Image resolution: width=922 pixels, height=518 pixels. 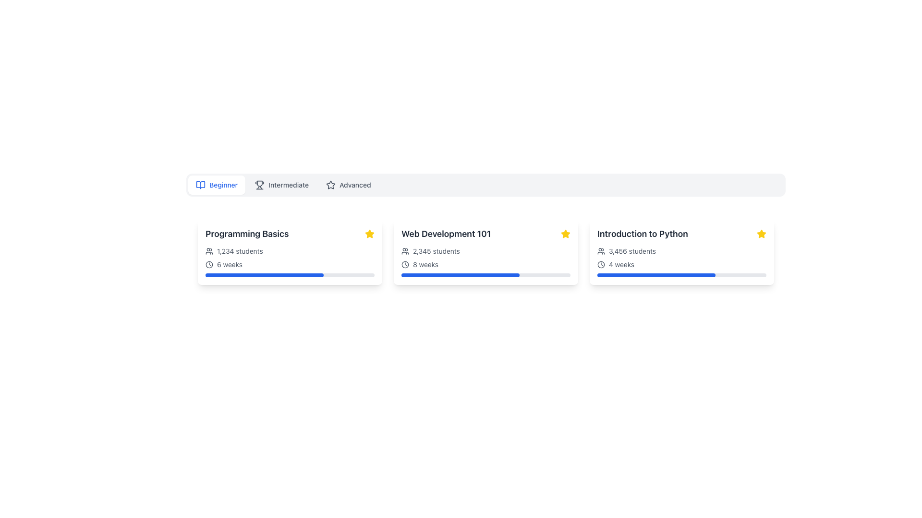 I want to click on the icons for context in the informational text block located inside the 'Web Development 101' card, which provides details about the course enrollment and duration, so click(x=486, y=262).